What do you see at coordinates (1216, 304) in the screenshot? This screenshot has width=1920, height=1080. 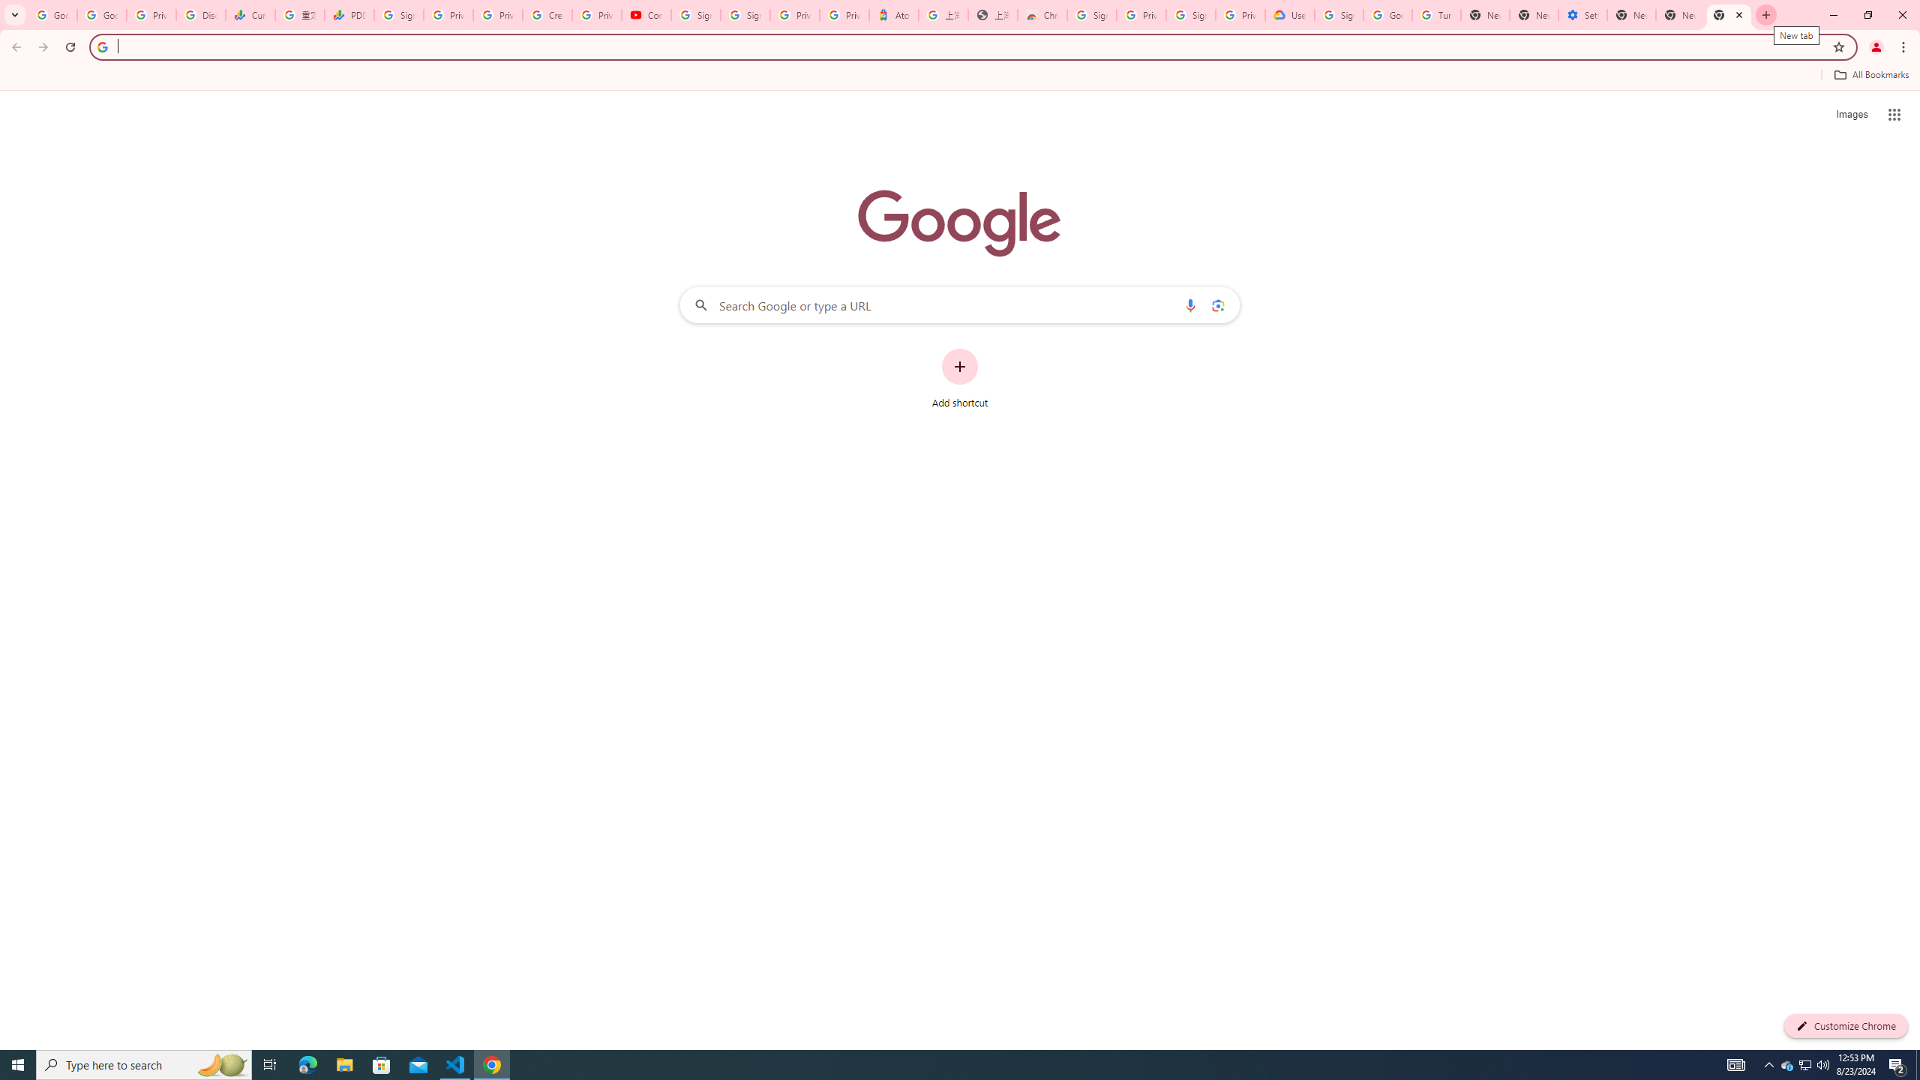 I see `'Search by image'` at bounding box center [1216, 304].